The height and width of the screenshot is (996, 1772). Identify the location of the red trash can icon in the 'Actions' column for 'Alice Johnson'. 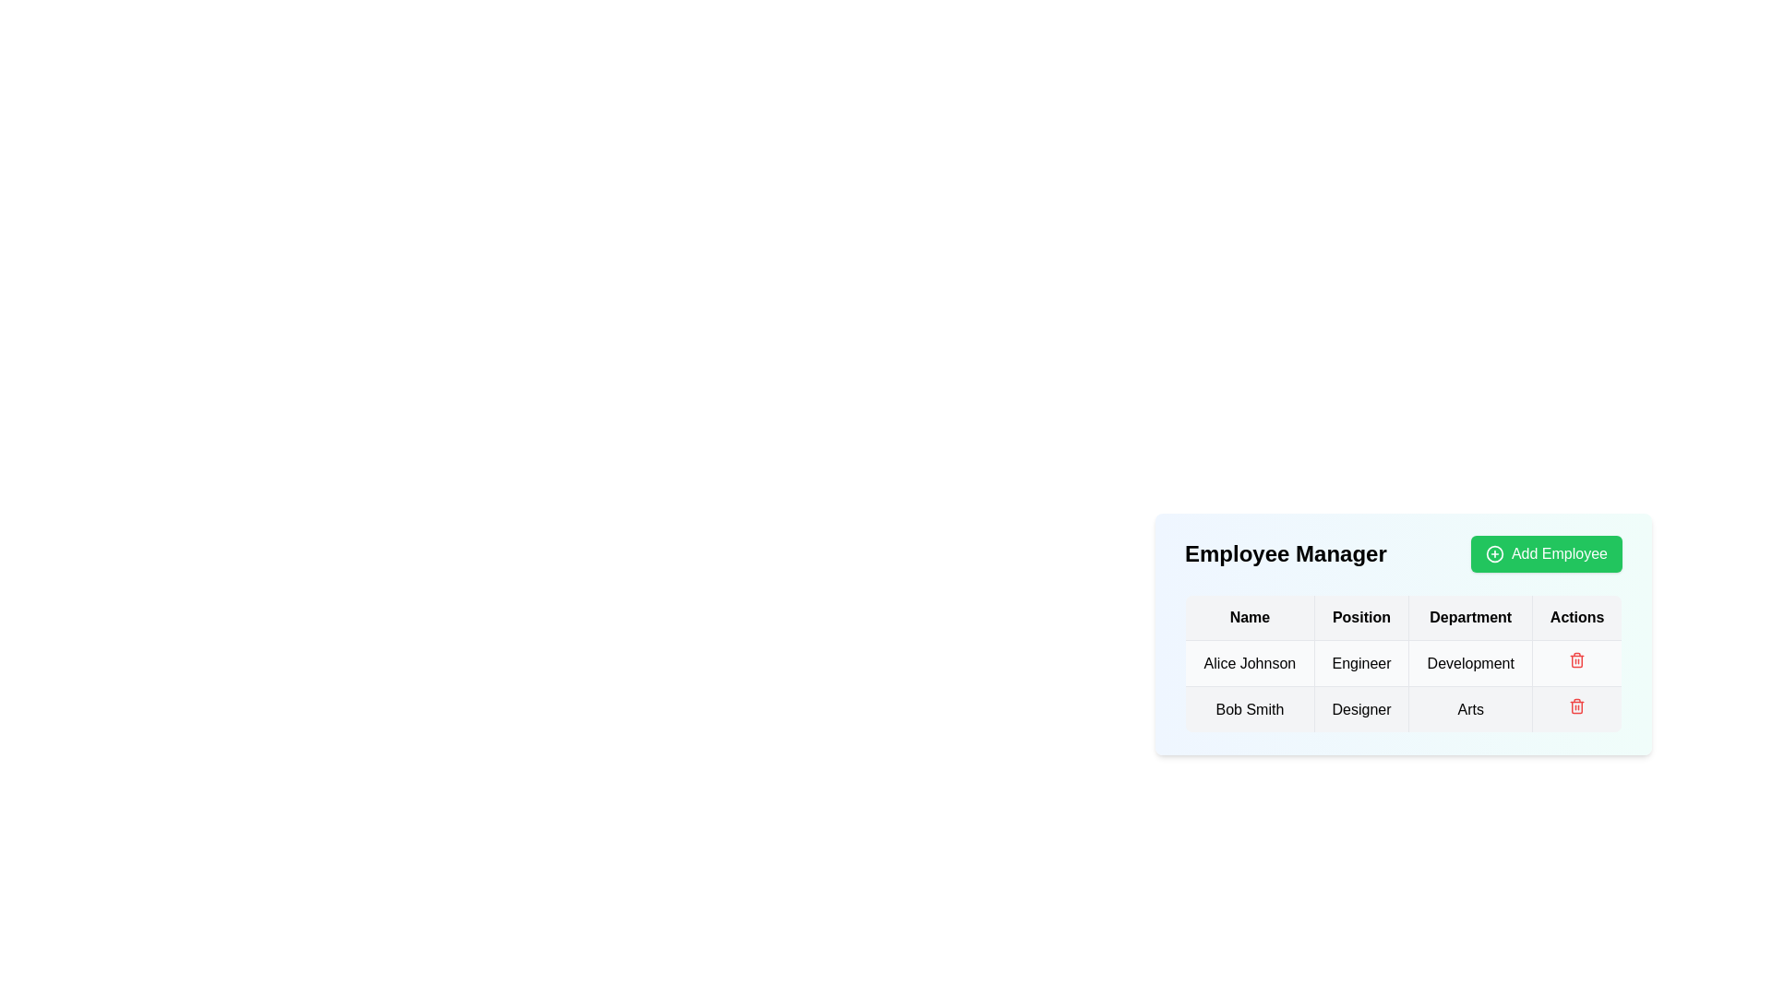
(1576, 662).